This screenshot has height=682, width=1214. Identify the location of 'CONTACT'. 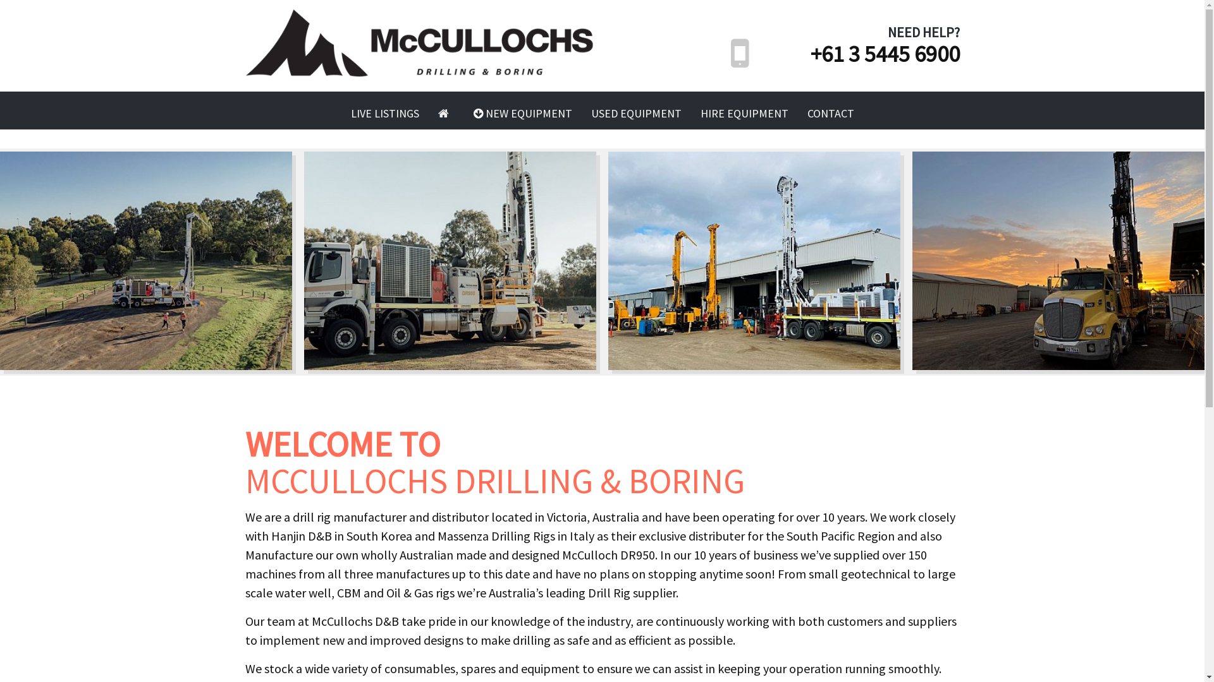
(831, 114).